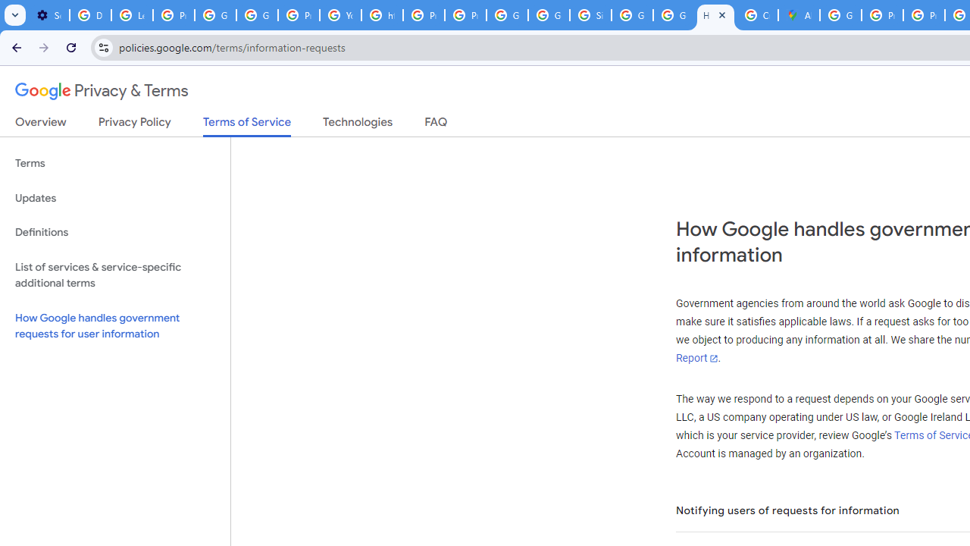 The image size is (970, 546). Describe the element at coordinates (214, 15) in the screenshot. I see `'Google Account Help'` at that location.